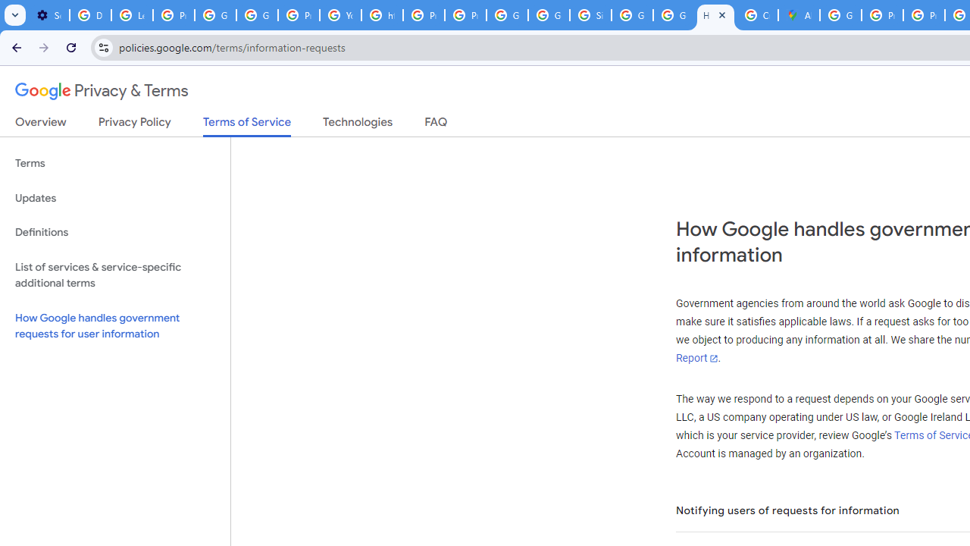 The image size is (970, 546). Describe the element at coordinates (214, 15) in the screenshot. I see `'Google Account Help'` at that location.